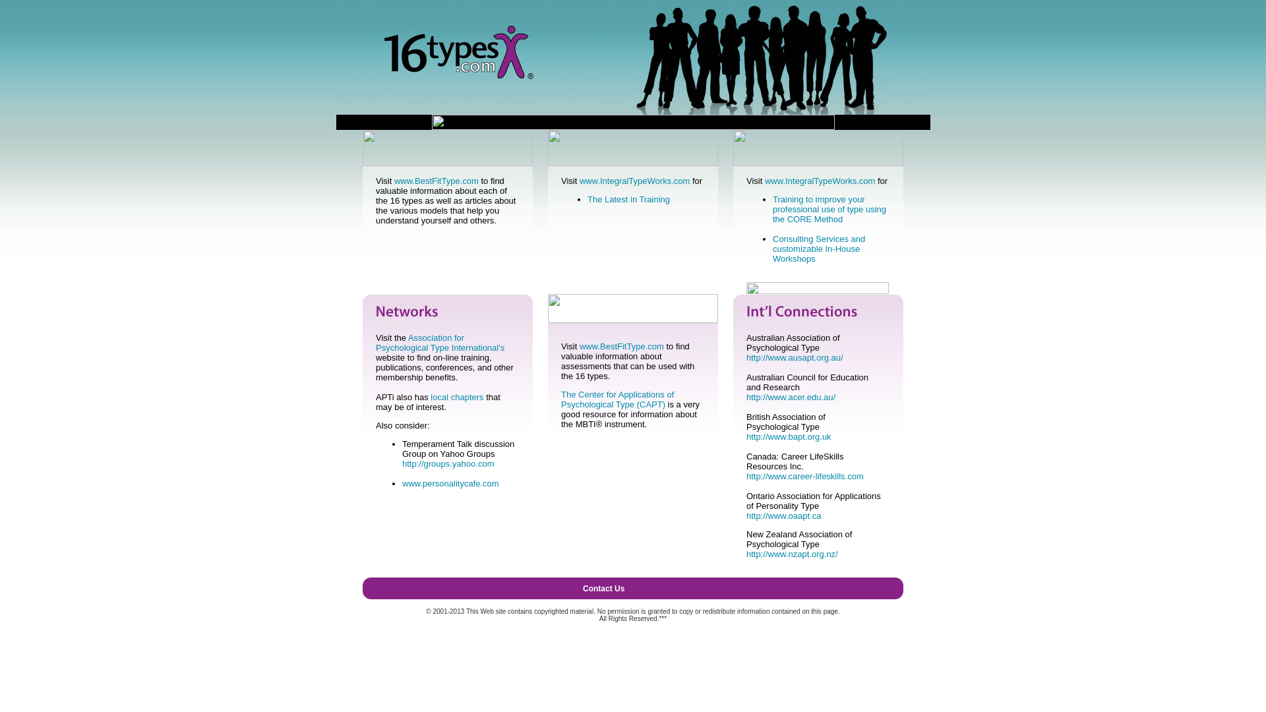 Image resolution: width=1266 pixels, height=712 pixels. What do you see at coordinates (456, 396) in the screenshot?
I see `'local chapters'` at bounding box center [456, 396].